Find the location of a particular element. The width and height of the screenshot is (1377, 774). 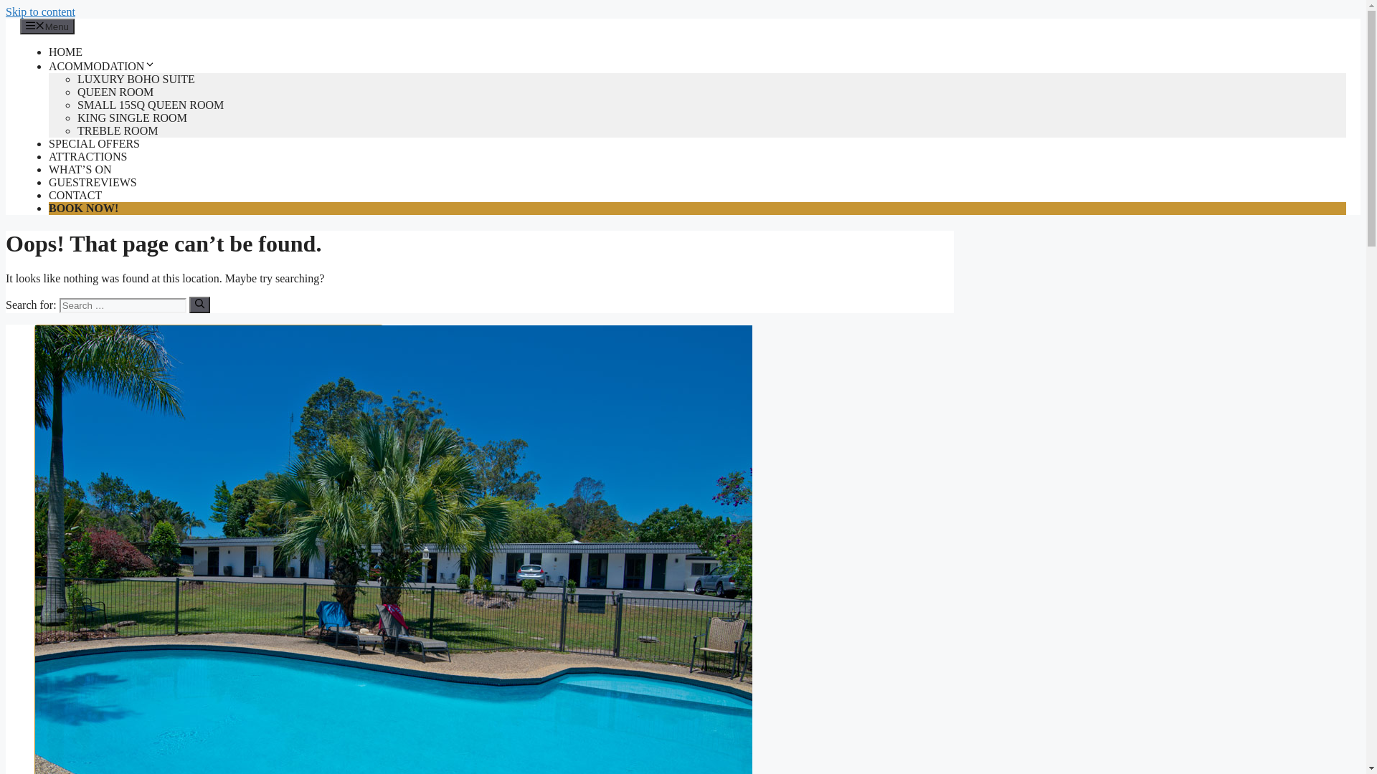

'GUESTREVIEWS' is located at coordinates (92, 181).